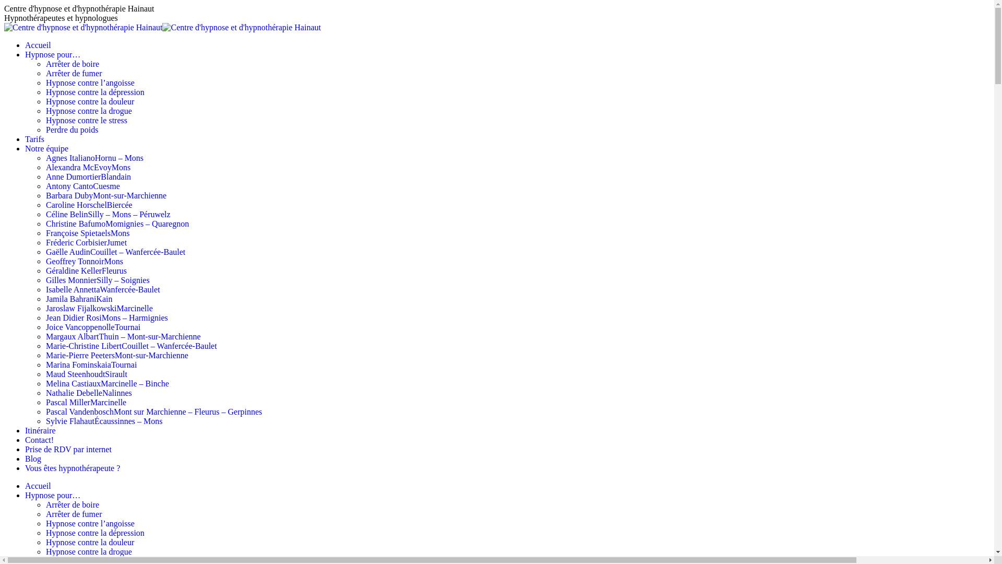  What do you see at coordinates (79, 299) in the screenshot?
I see `'Jamila BahraniKain'` at bounding box center [79, 299].